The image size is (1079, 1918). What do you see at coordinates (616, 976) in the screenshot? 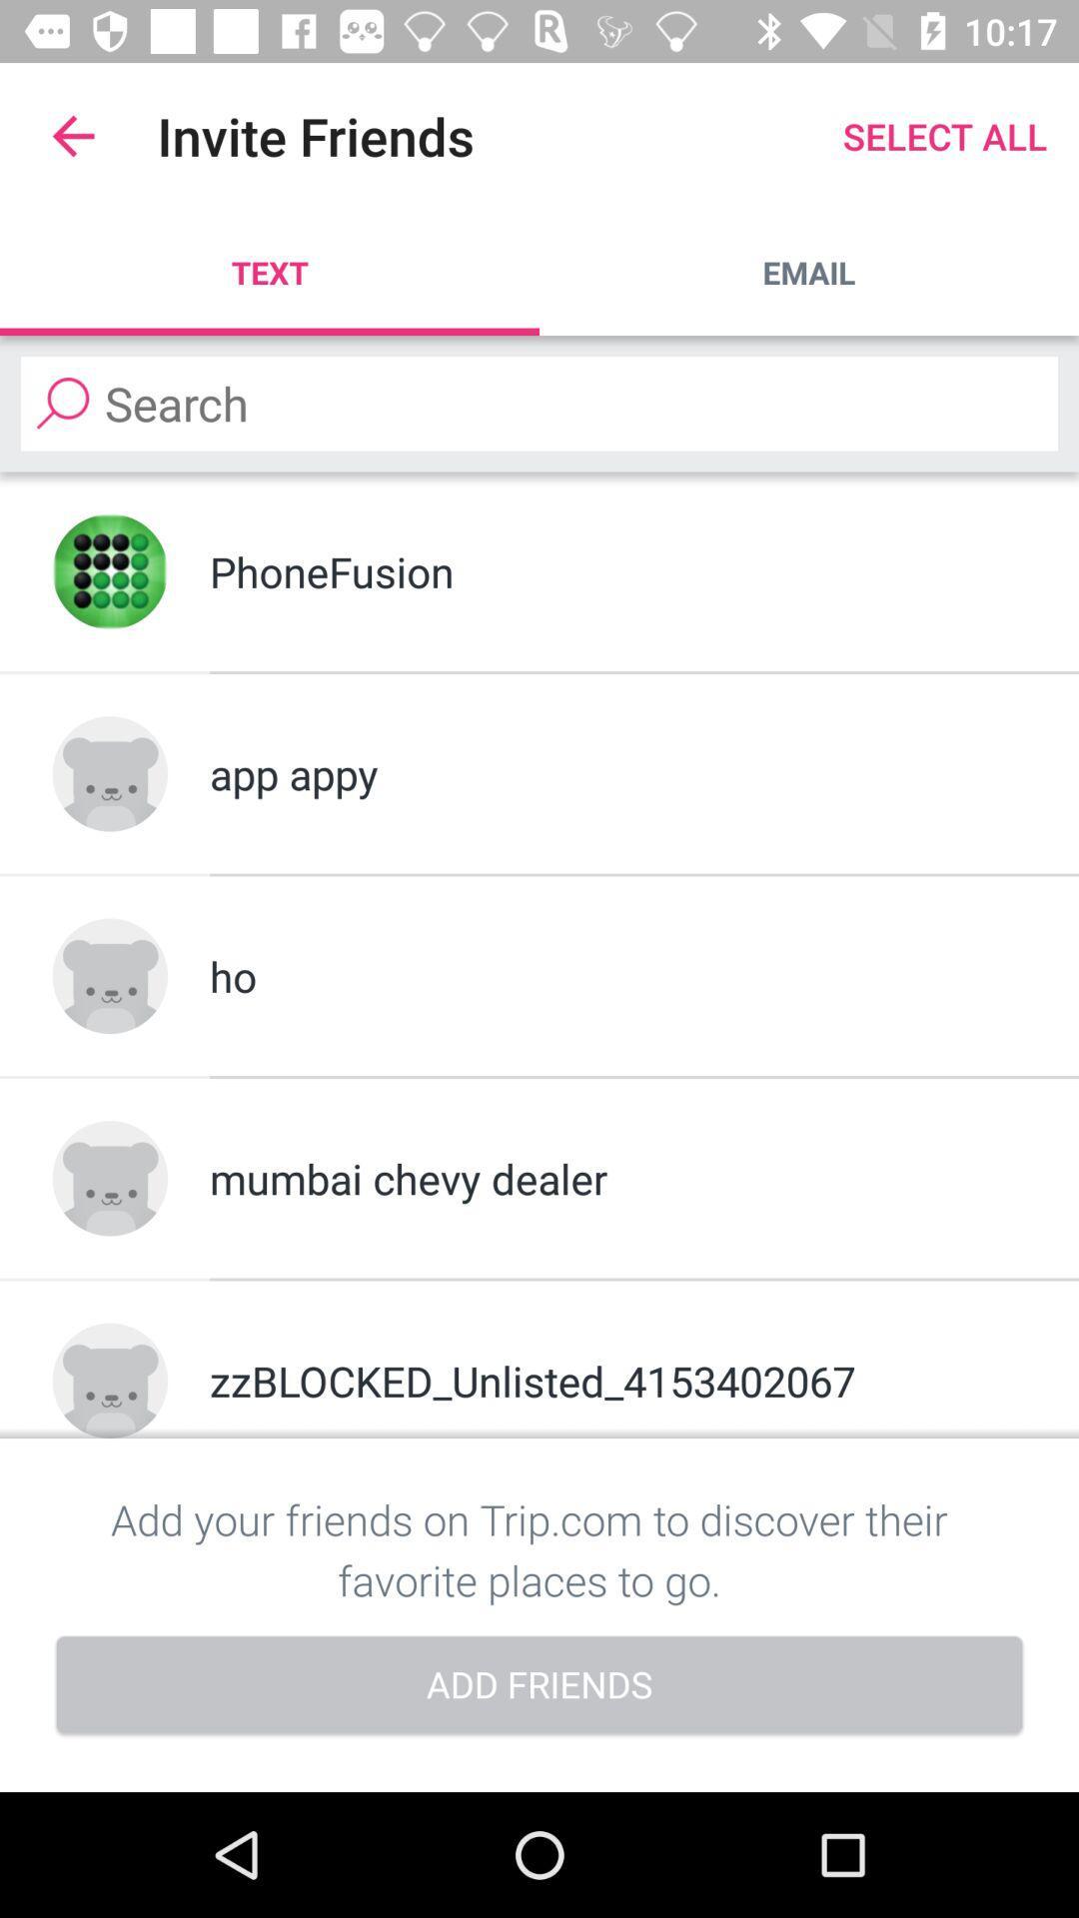
I see `the ho` at bounding box center [616, 976].